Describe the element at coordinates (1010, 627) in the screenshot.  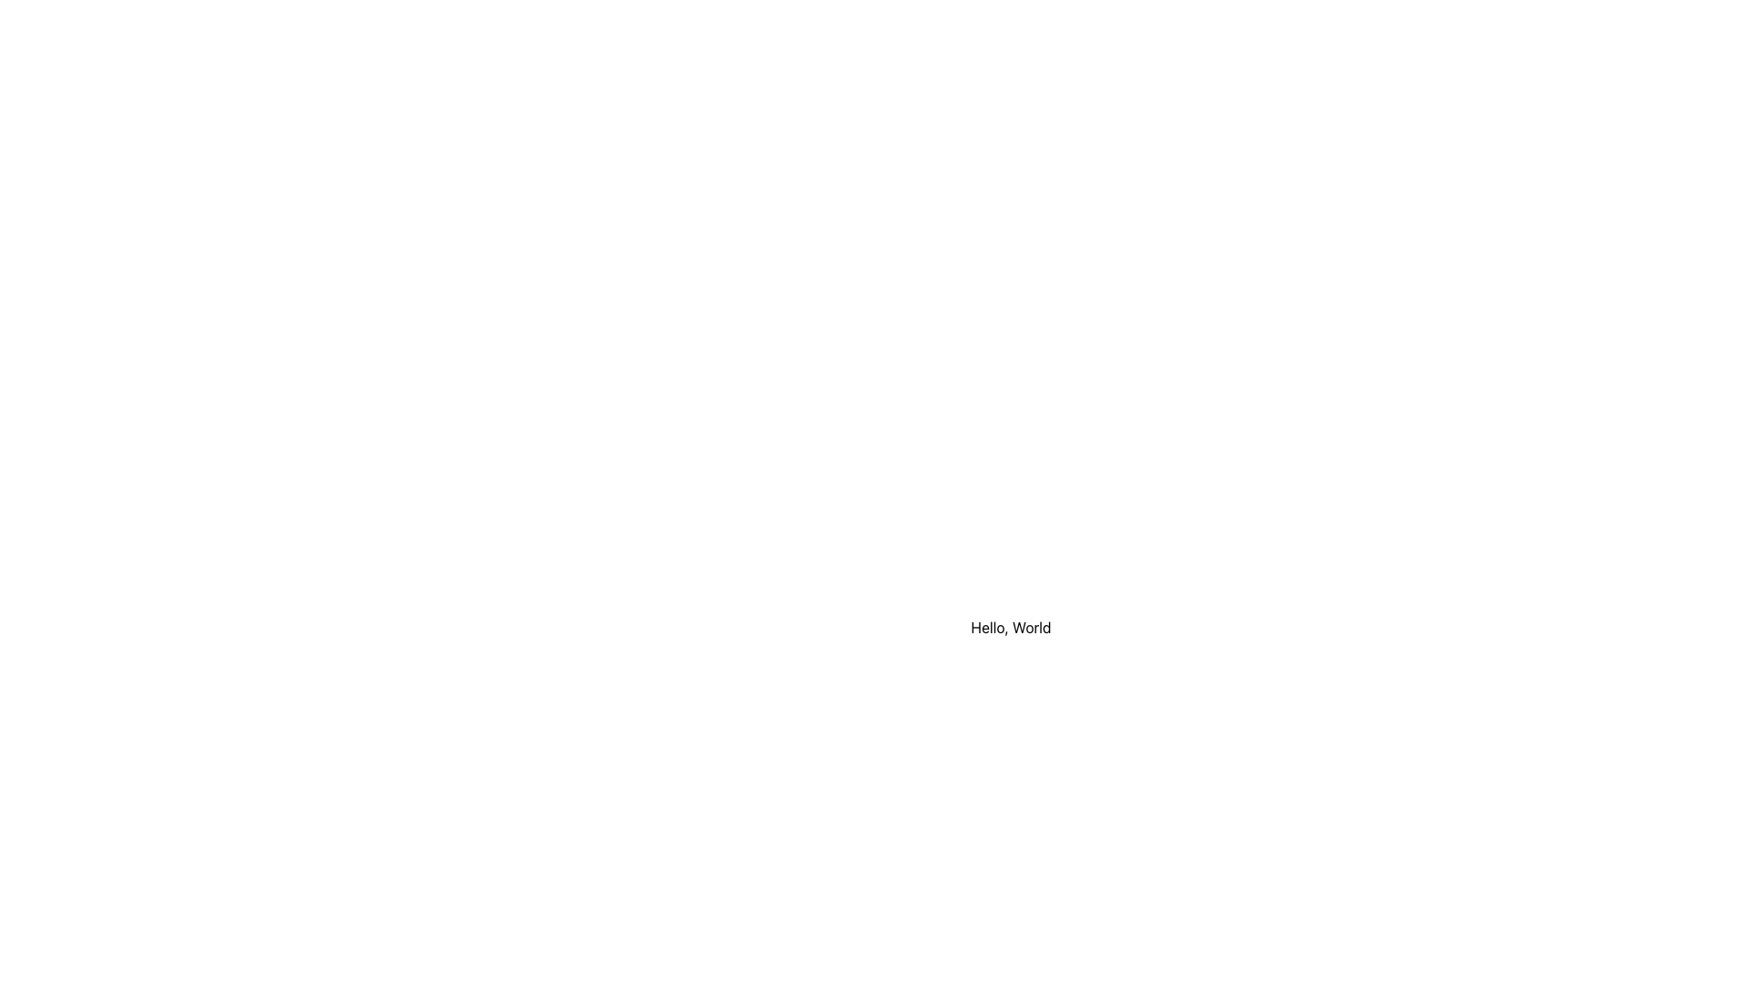
I see `text displayed in the narrow text field that shows 'Hello, World' in black font on a white background` at that location.